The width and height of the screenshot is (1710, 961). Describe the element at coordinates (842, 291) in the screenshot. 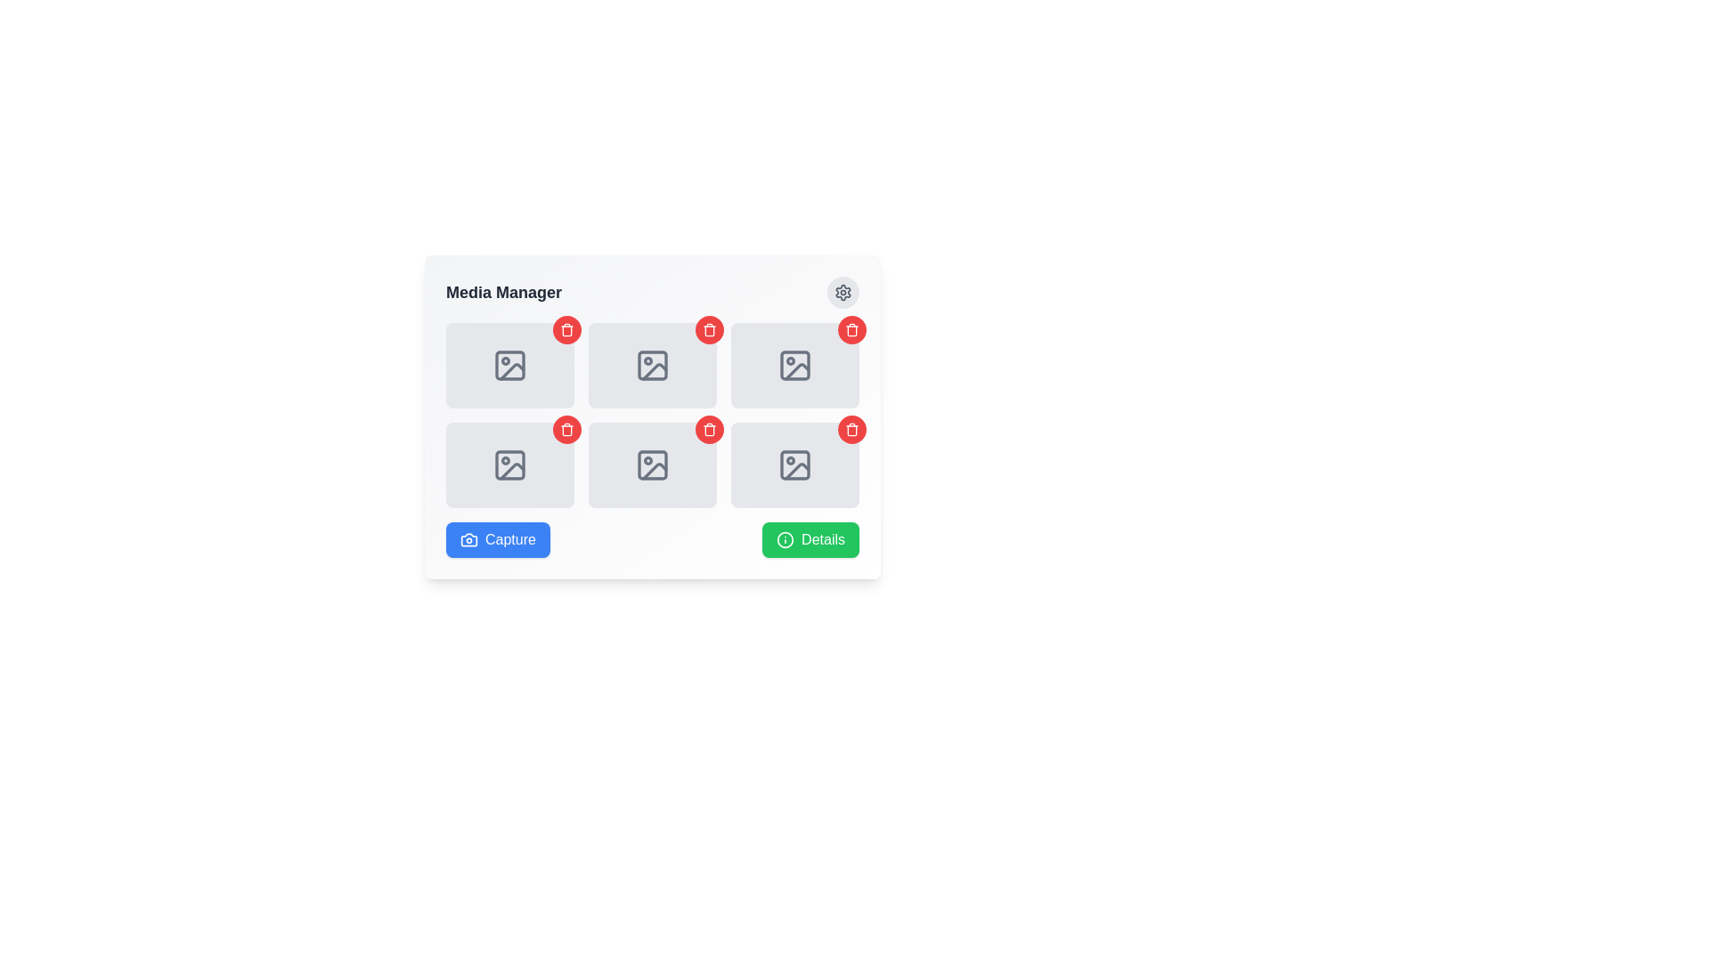

I see `the settings button located in the top-right corner of the 'Media Manager' section` at that location.